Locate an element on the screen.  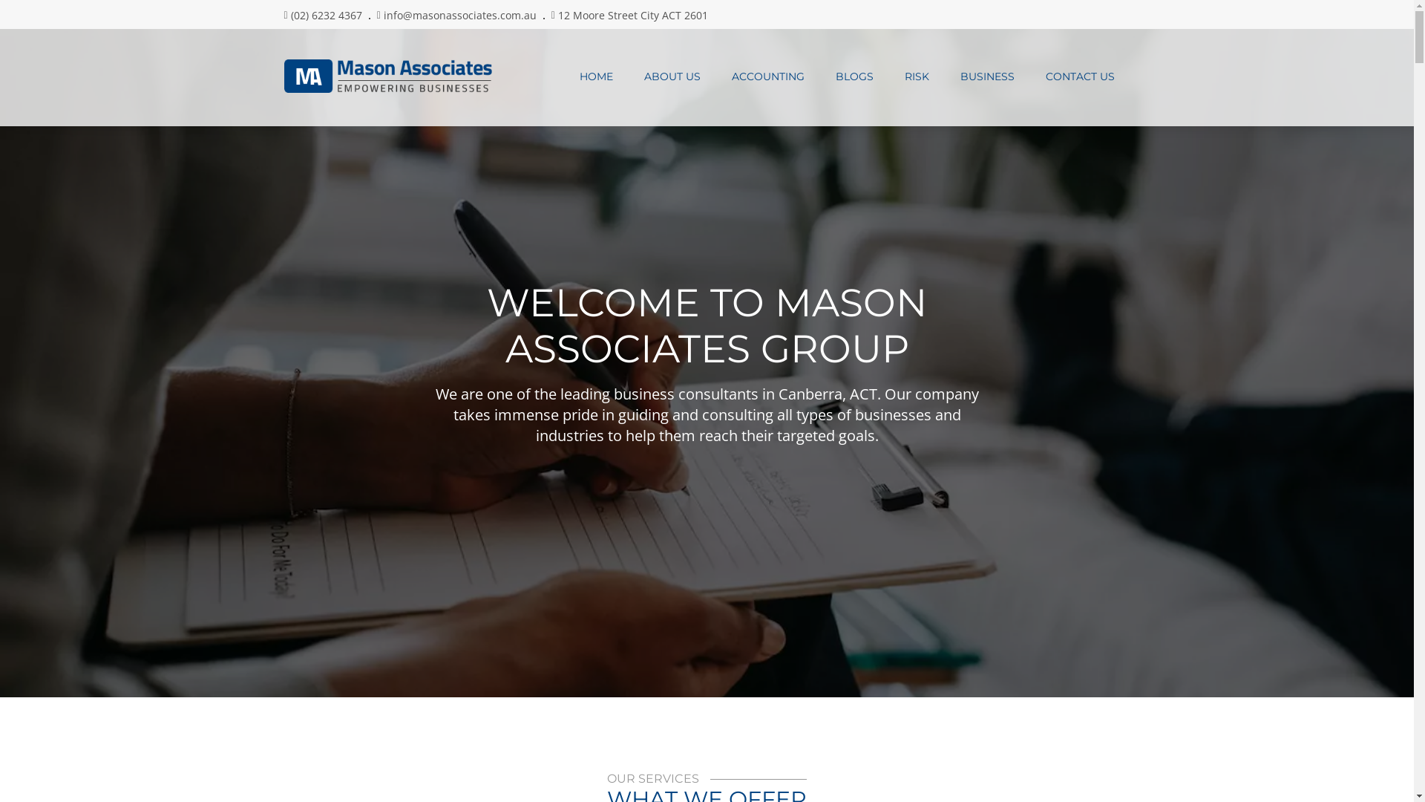
'CONTACT US' is located at coordinates (1080, 76).